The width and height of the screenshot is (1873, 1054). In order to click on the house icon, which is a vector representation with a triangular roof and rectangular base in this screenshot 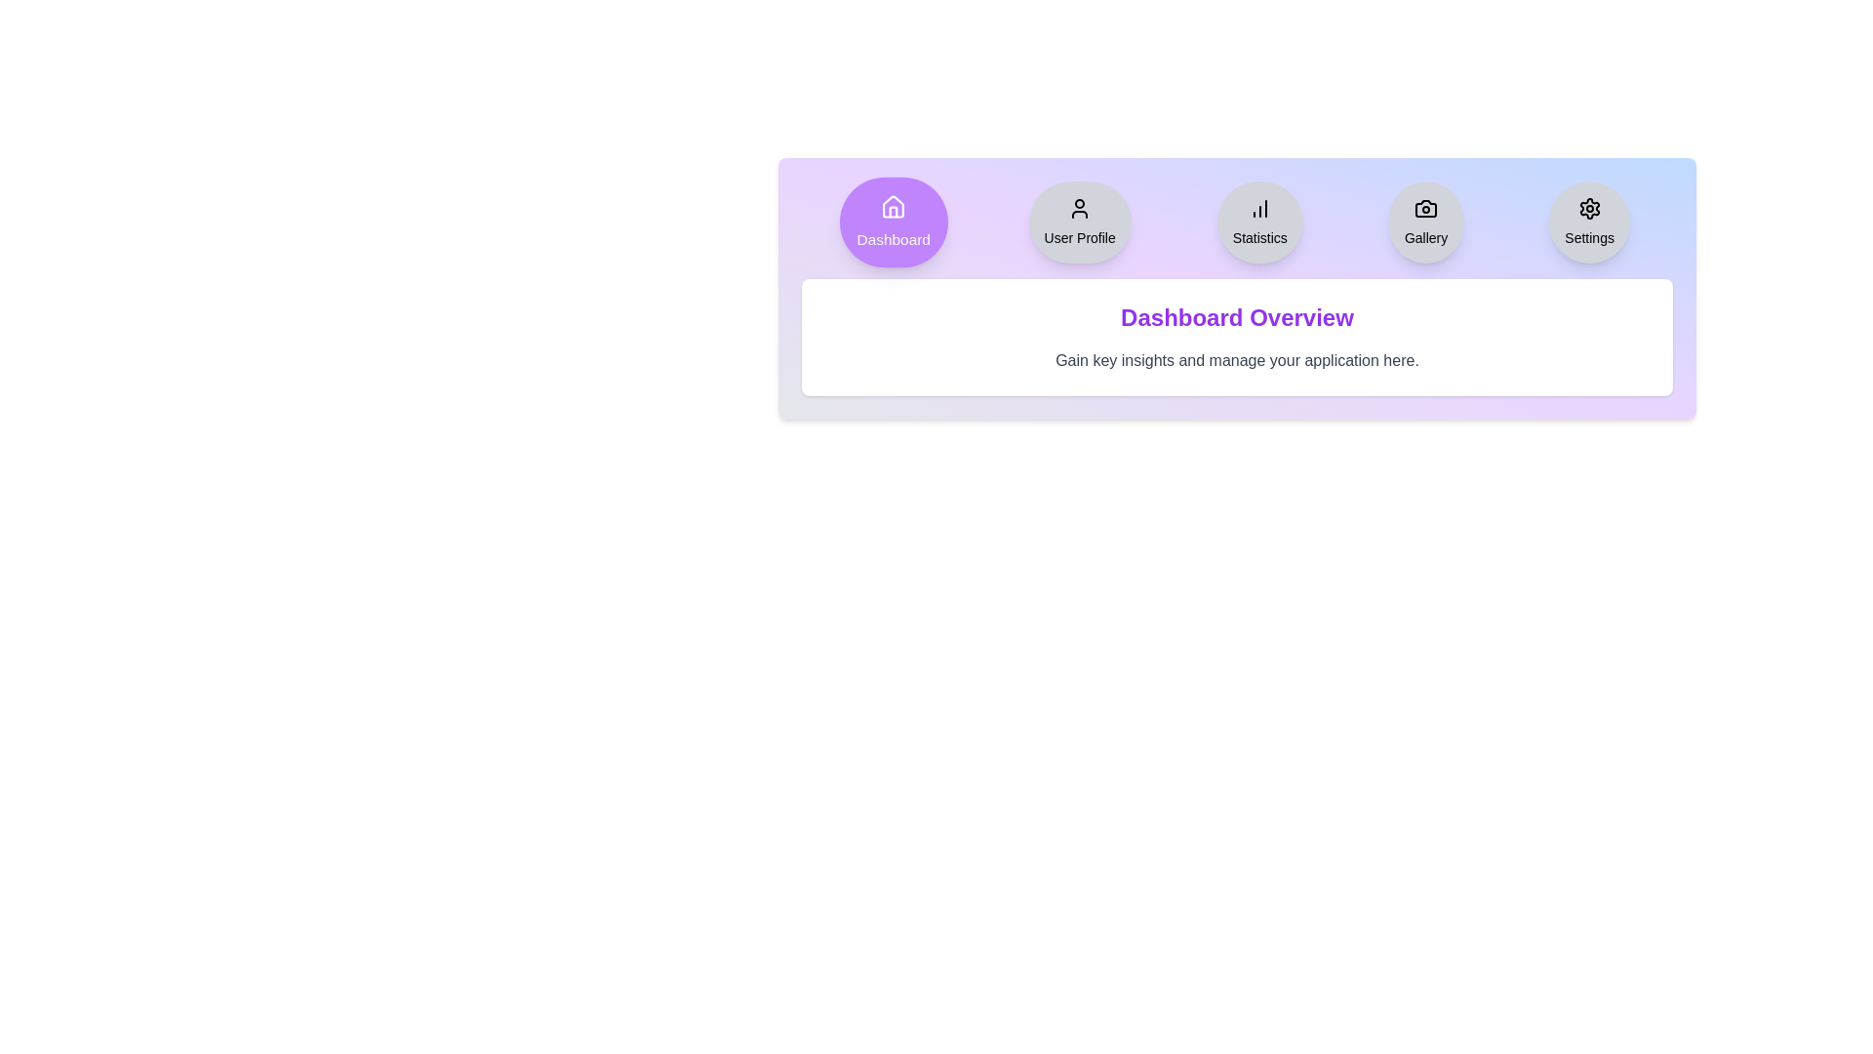, I will do `click(893, 207)`.